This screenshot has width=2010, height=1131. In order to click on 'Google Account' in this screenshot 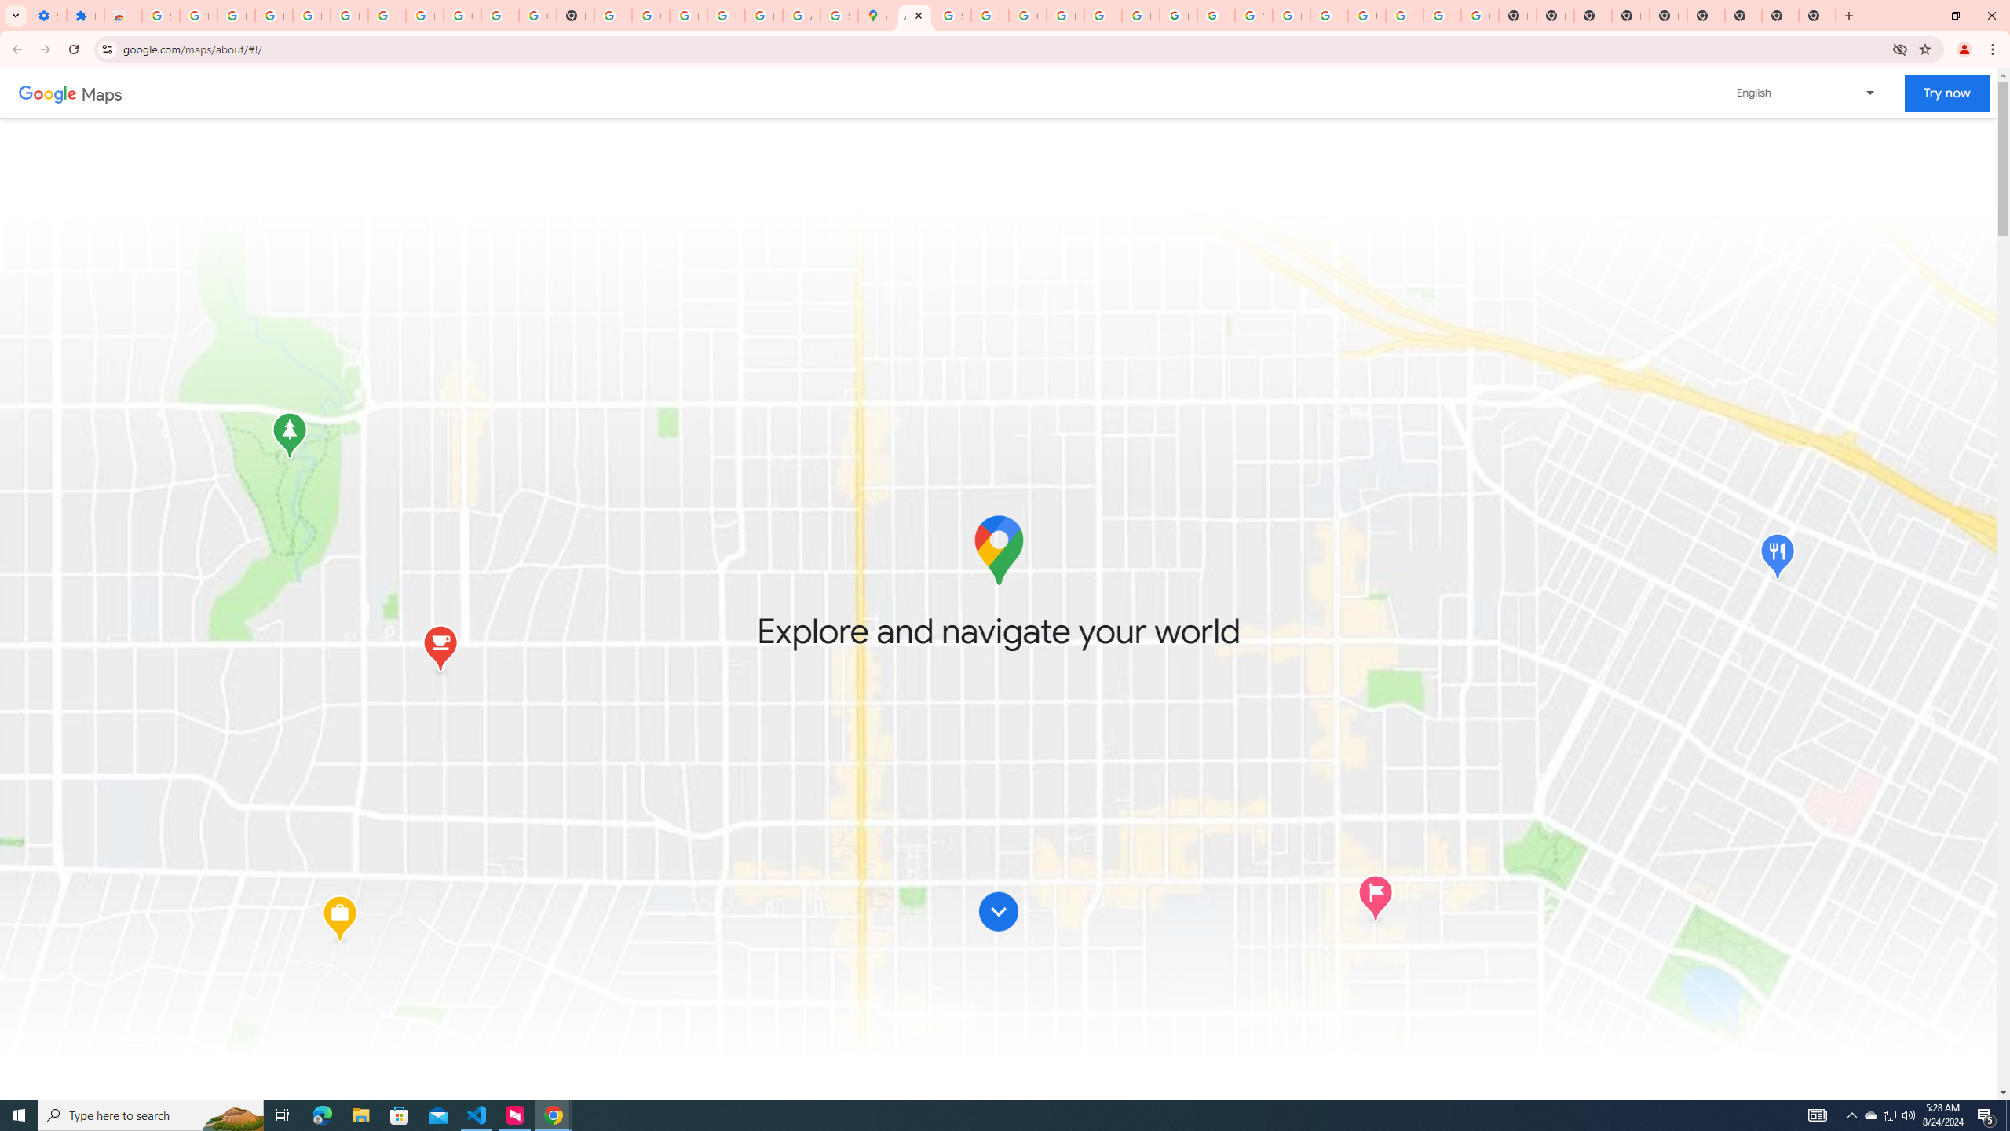, I will do `click(461, 15)`.